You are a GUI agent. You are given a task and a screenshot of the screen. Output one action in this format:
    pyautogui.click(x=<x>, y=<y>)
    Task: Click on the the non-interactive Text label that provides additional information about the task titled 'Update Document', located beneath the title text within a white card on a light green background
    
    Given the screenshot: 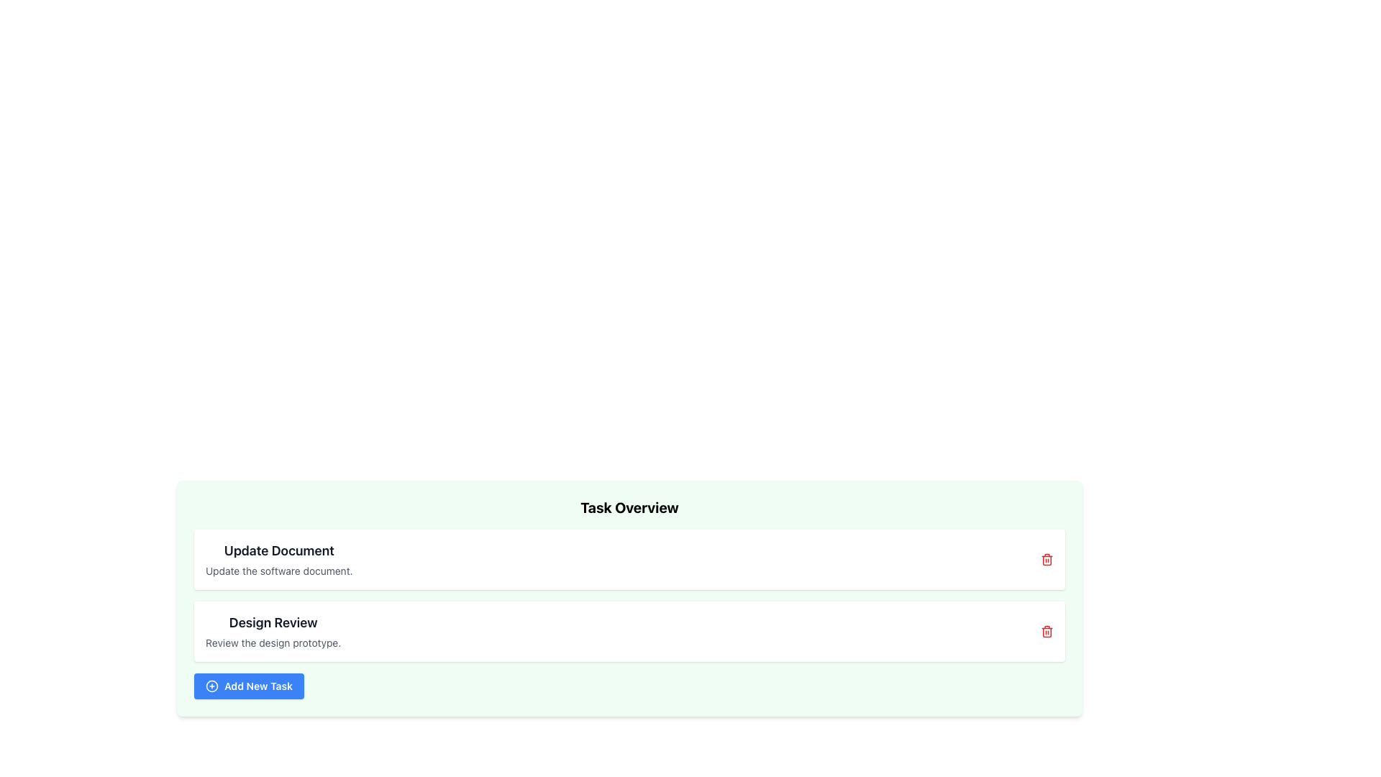 What is the action you would take?
    pyautogui.click(x=279, y=571)
    